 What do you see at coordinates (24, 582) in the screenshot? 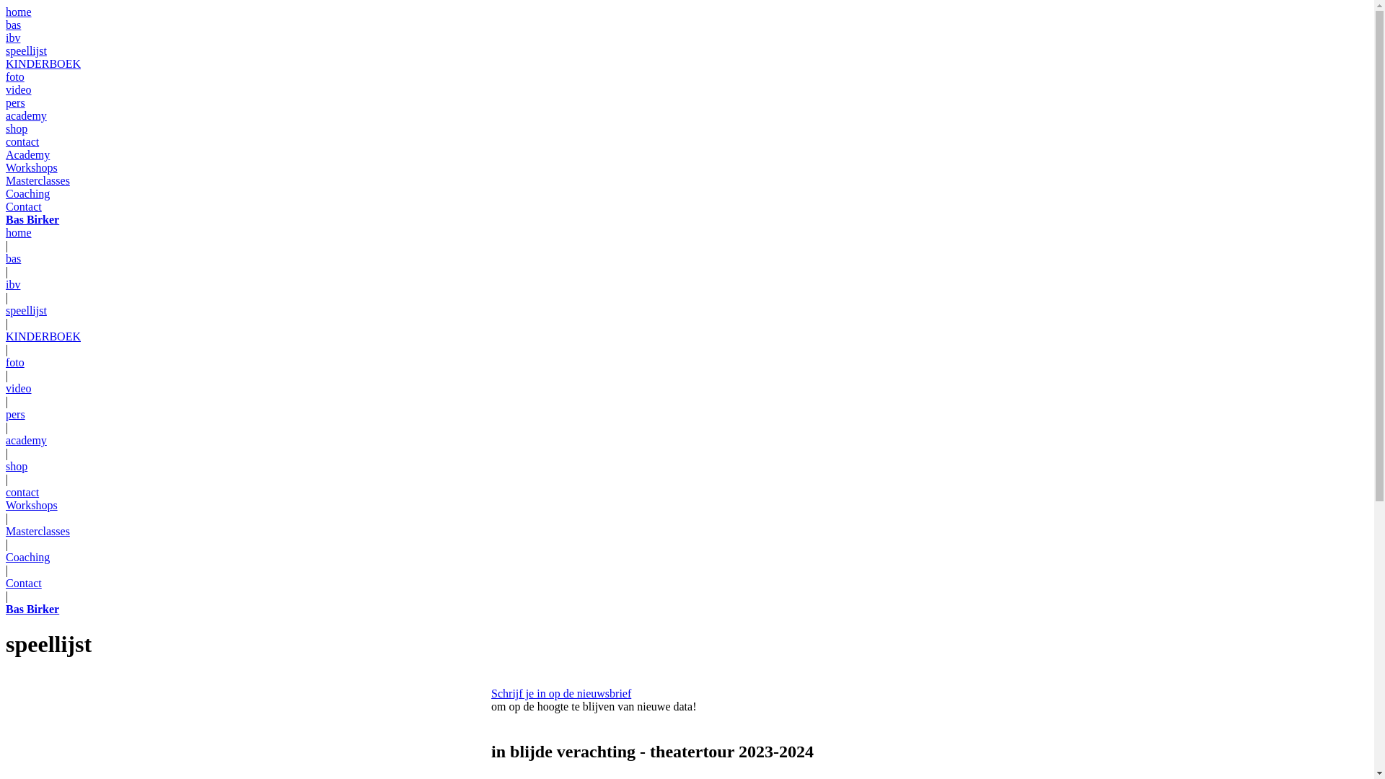
I see `'Contact'` at bounding box center [24, 582].